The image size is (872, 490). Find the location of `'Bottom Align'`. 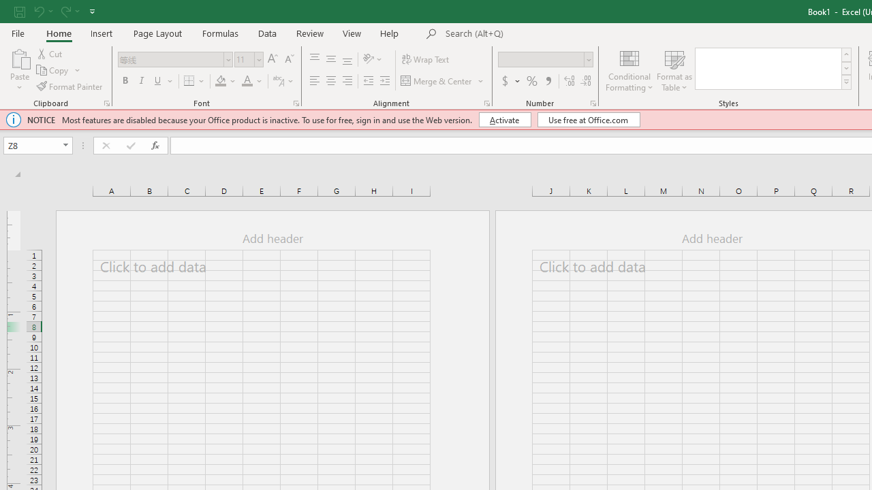

'Bottom Align' is located at coordinates (347, 59).